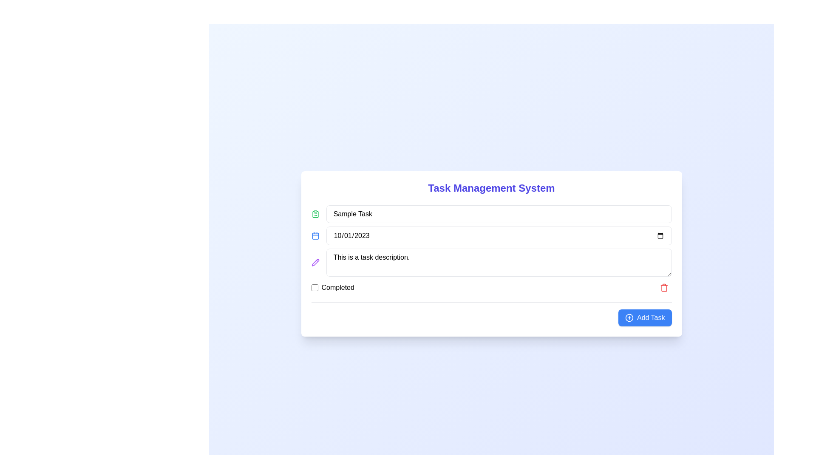 This screenshot has width=816, height=459. I want to click on the task description input field, which is the third input field in the 'Task Management System' interface, located below the 'Sample Task' input and above the 'Completed' checkbox, so click(491, 262).